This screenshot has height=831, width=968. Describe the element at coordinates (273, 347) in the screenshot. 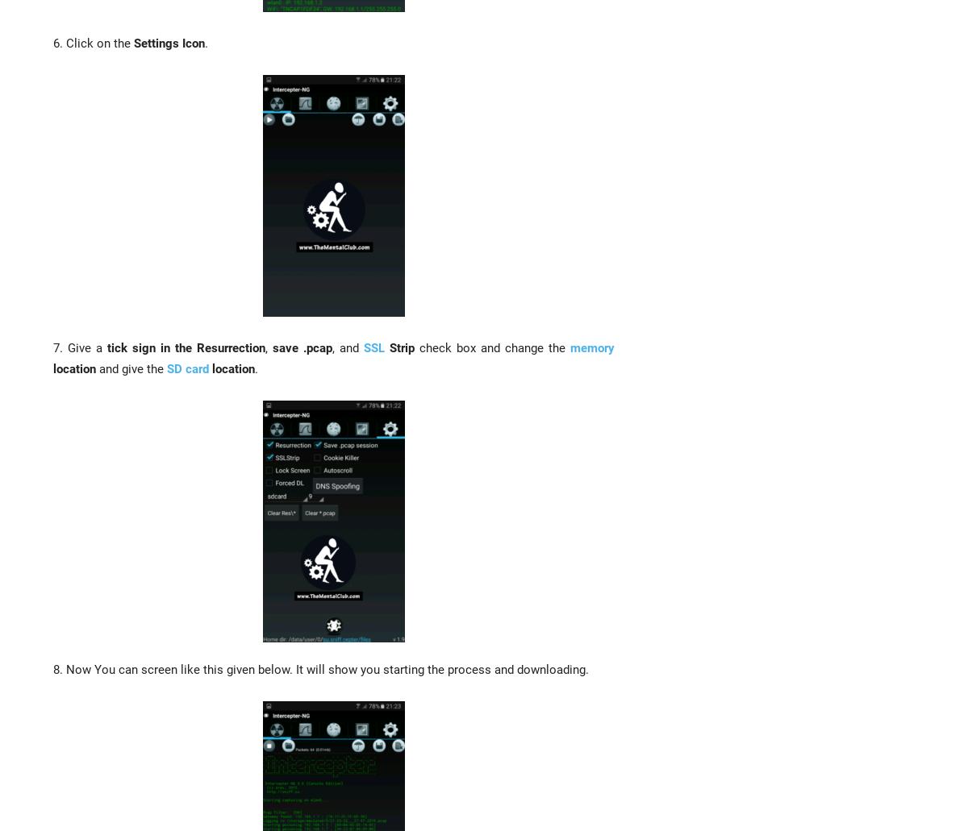

I see `'save'` at that location.